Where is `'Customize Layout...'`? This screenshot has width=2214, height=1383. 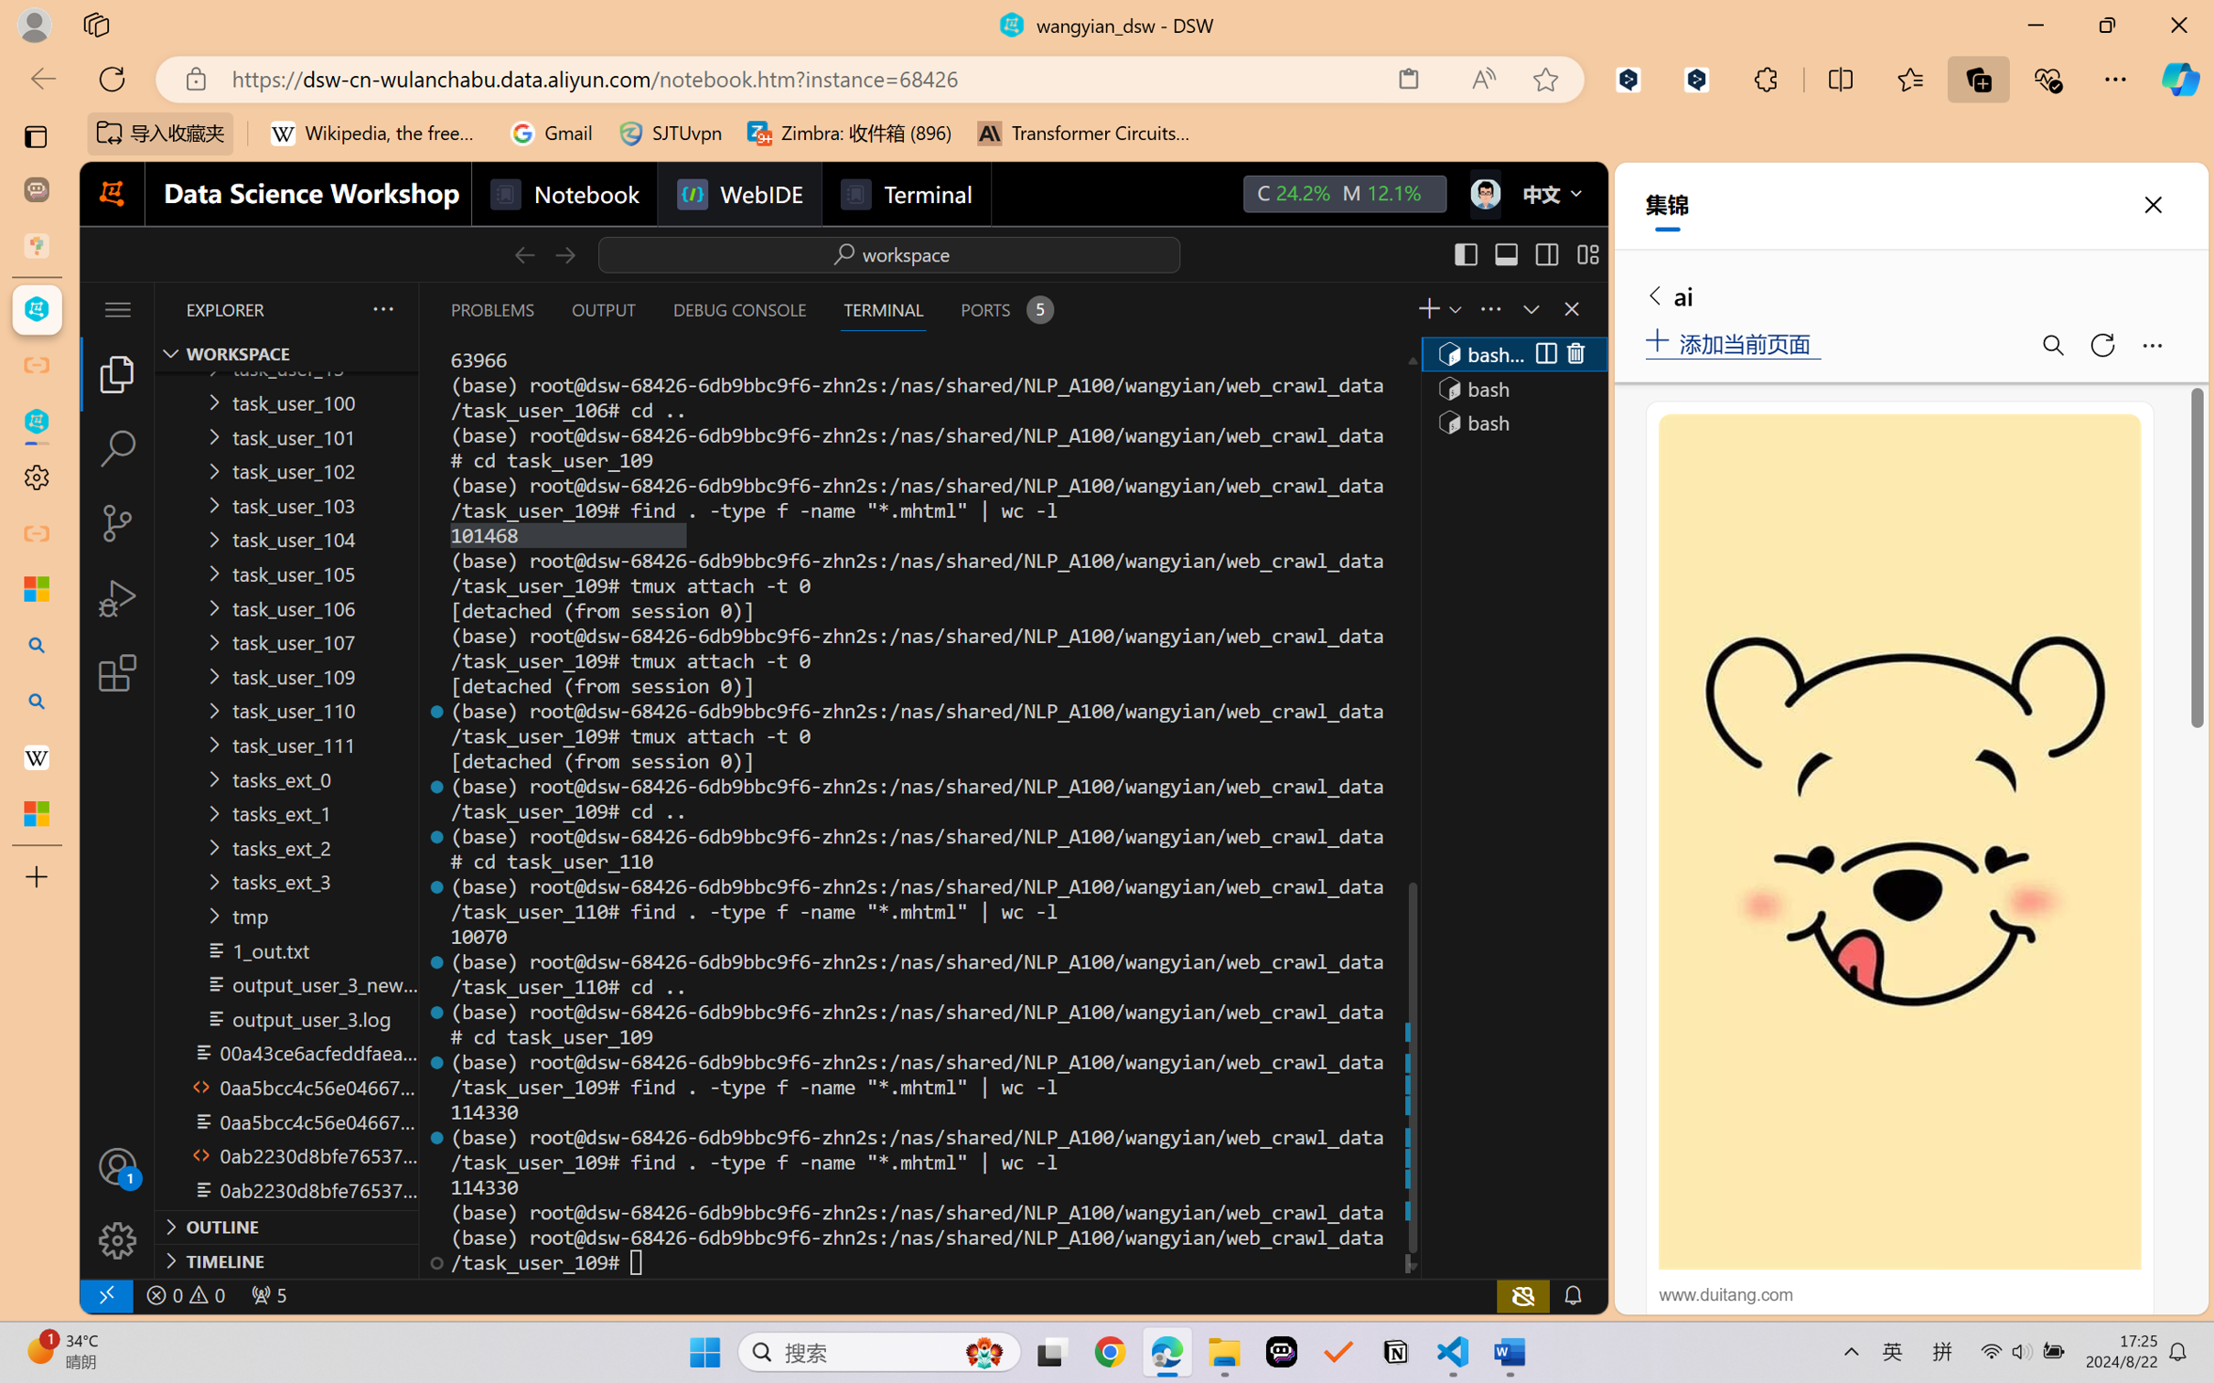
'Customize Layout...' is located at coordinates (1586, 253).